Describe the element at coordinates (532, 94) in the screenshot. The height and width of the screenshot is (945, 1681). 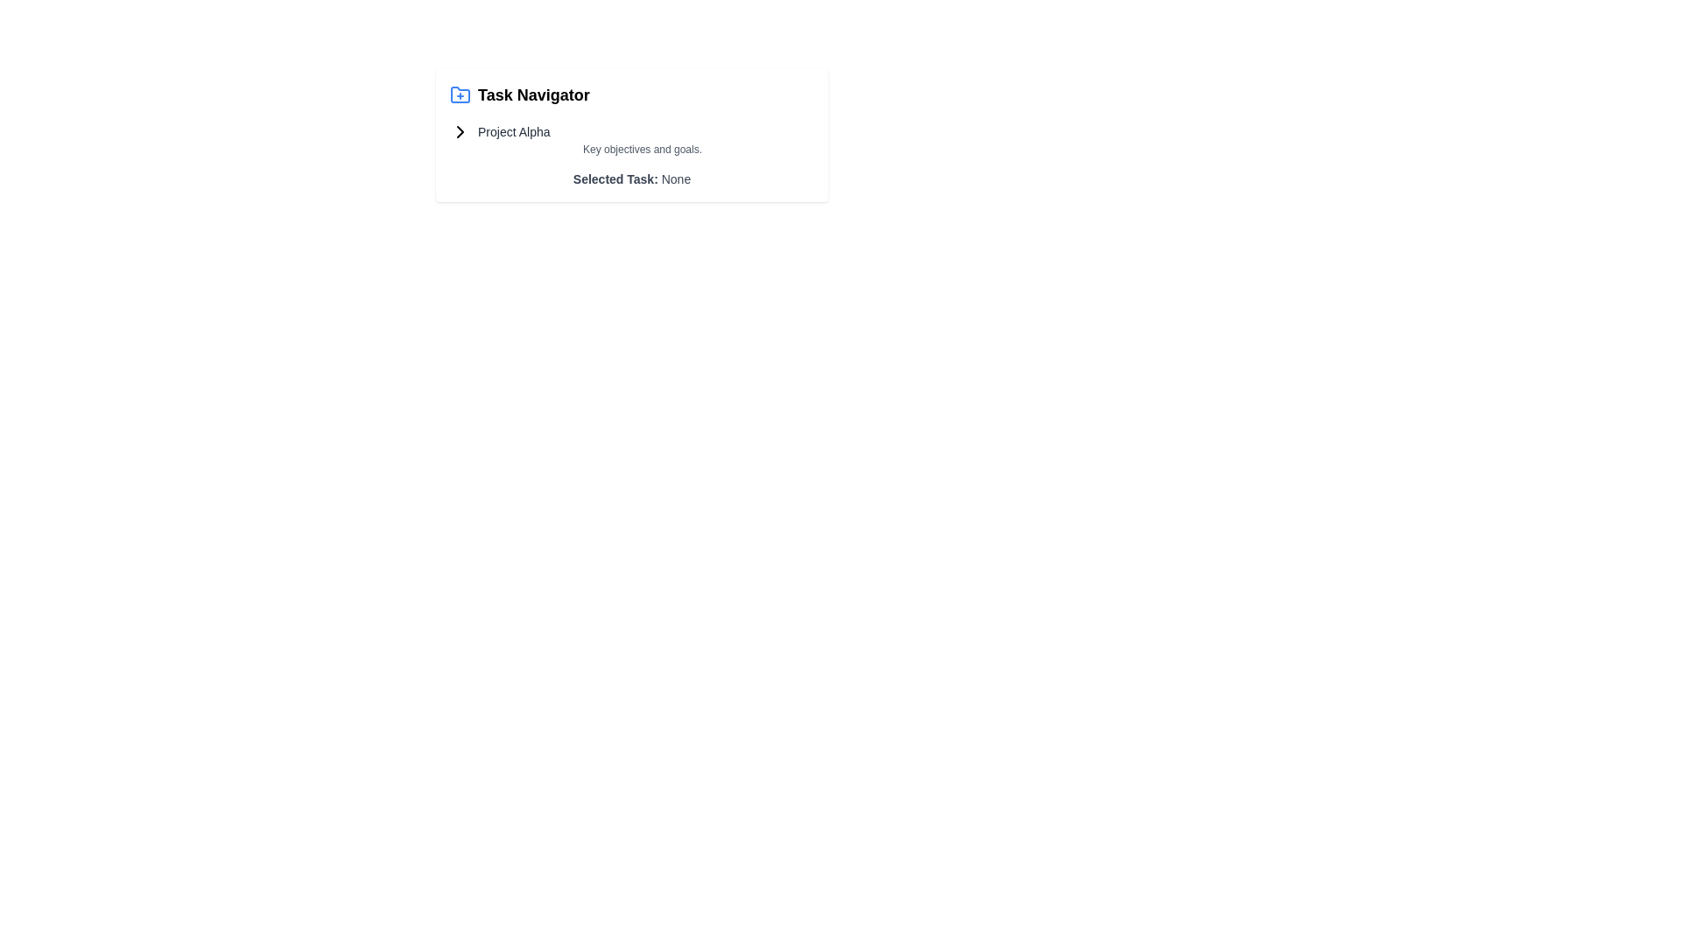
I see `the 'Task Navigator' label, which is styled with a bold, large black font and is located immediately to the right of a blue folder icon` at that location.